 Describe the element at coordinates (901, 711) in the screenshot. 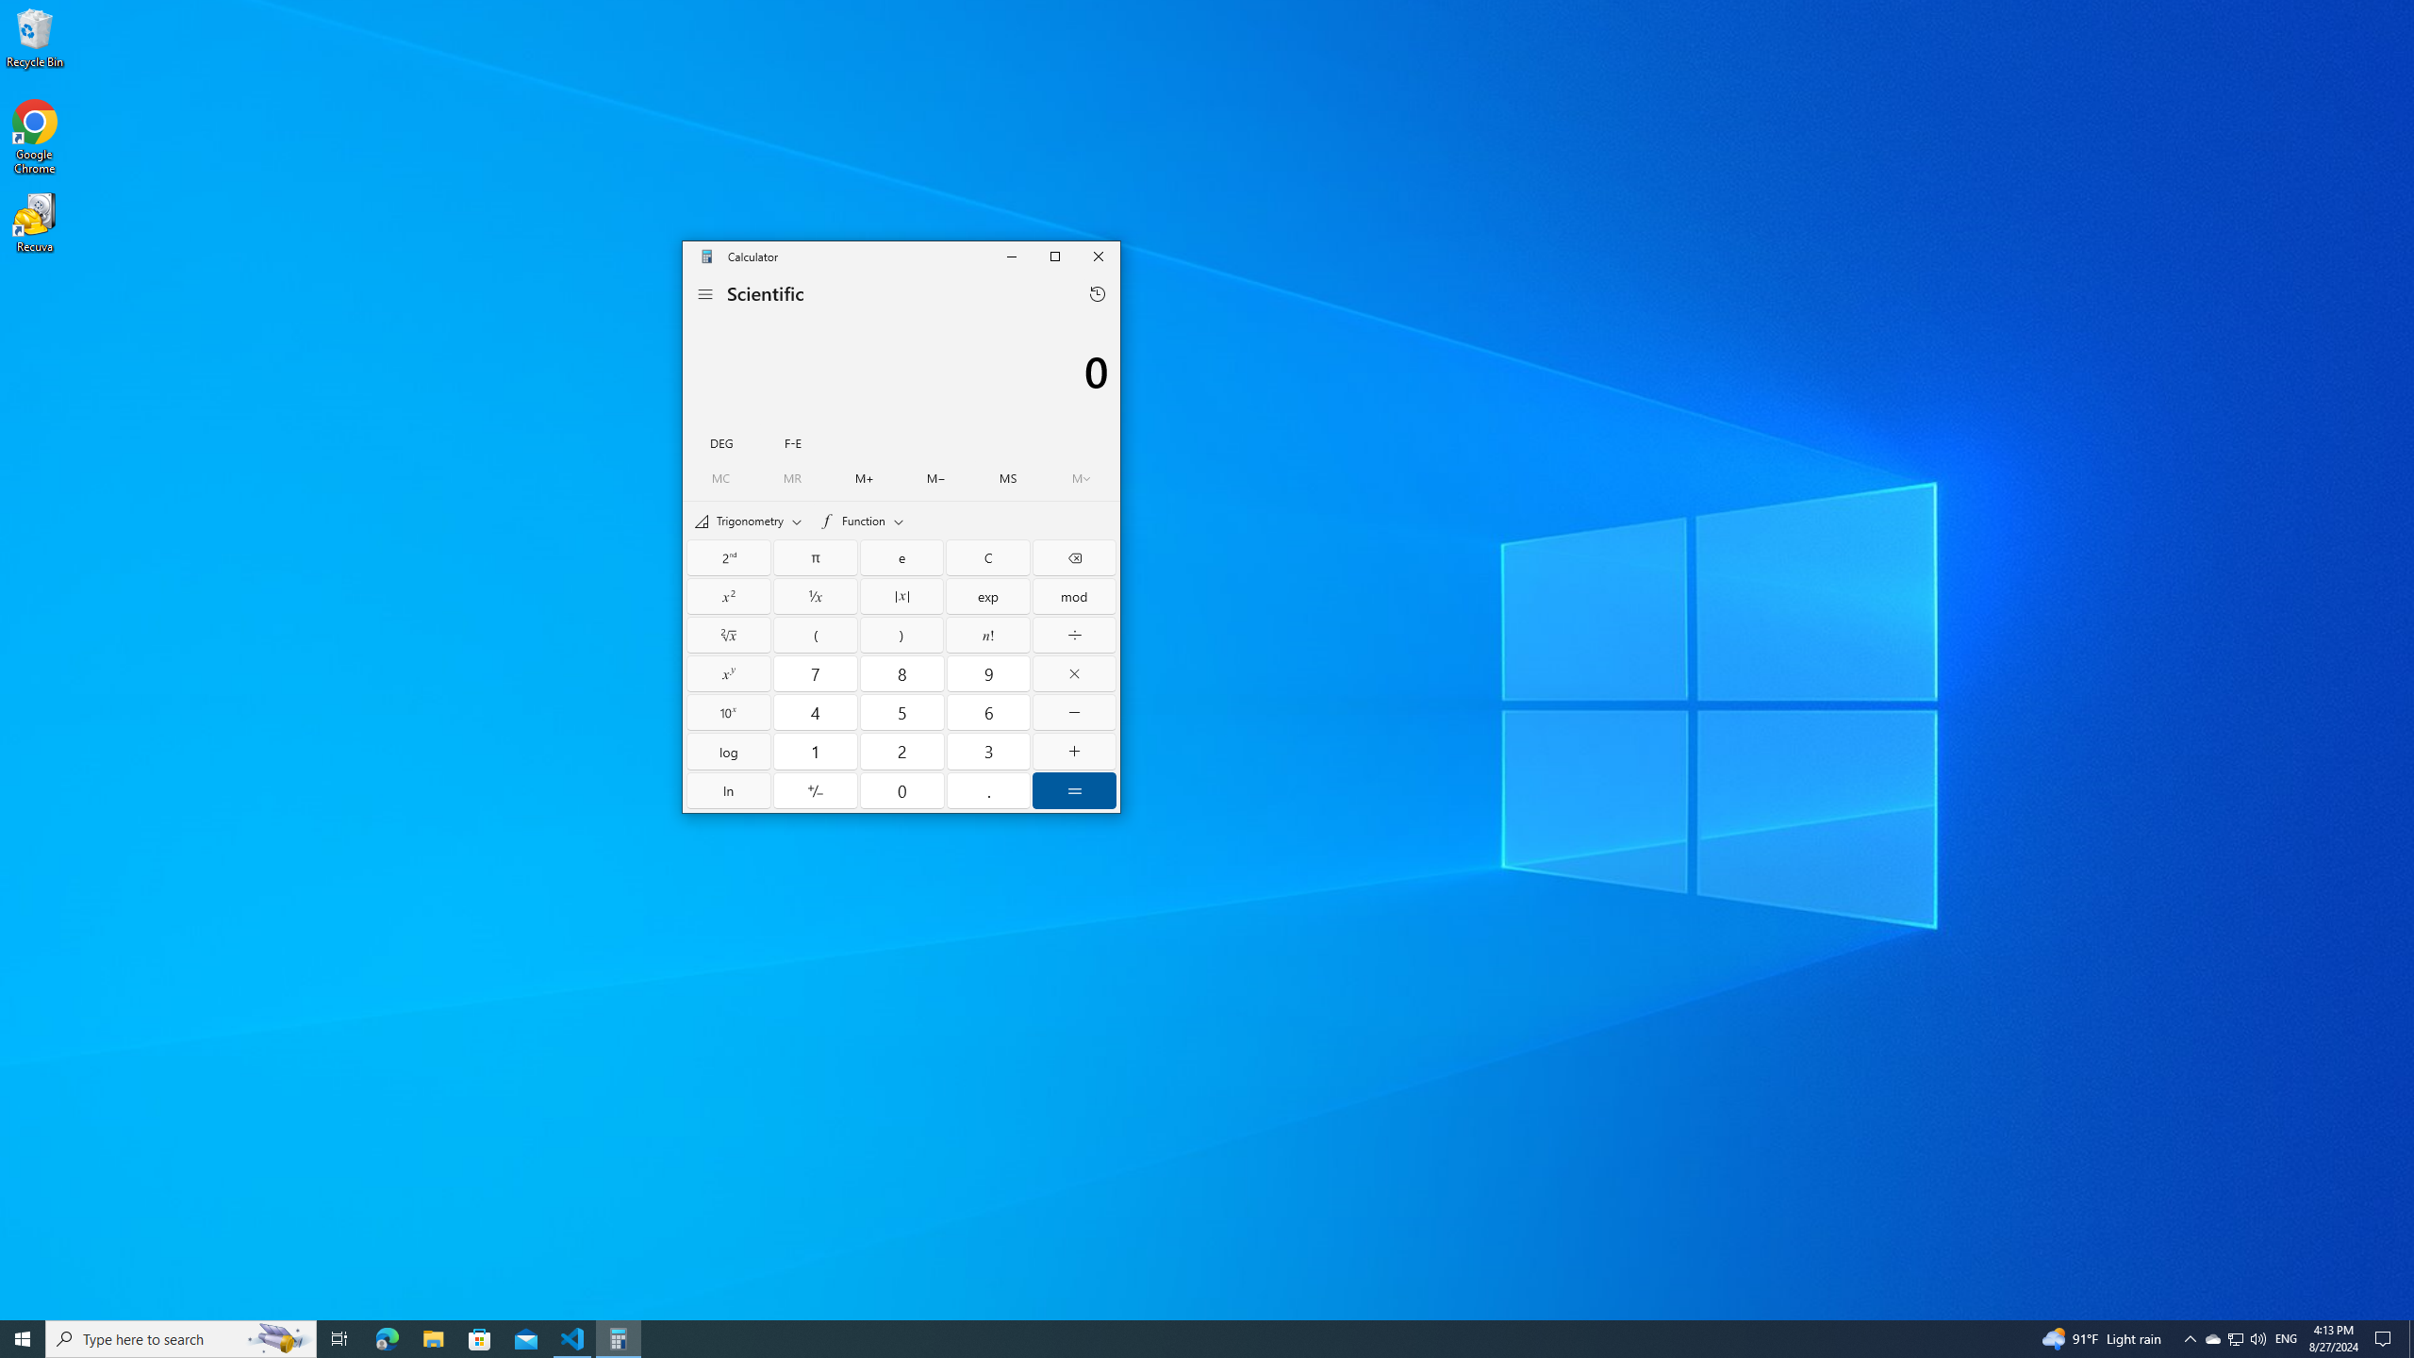

I see `'Five'` at that location.